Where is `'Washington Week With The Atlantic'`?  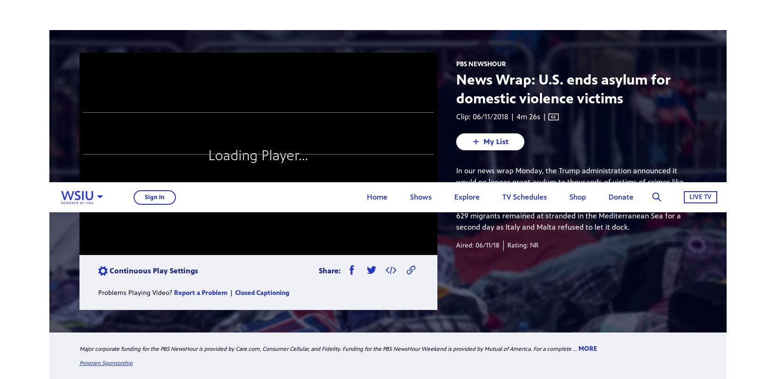
'Washington Week With The Atlantic' is located at coordinates (540, 80).